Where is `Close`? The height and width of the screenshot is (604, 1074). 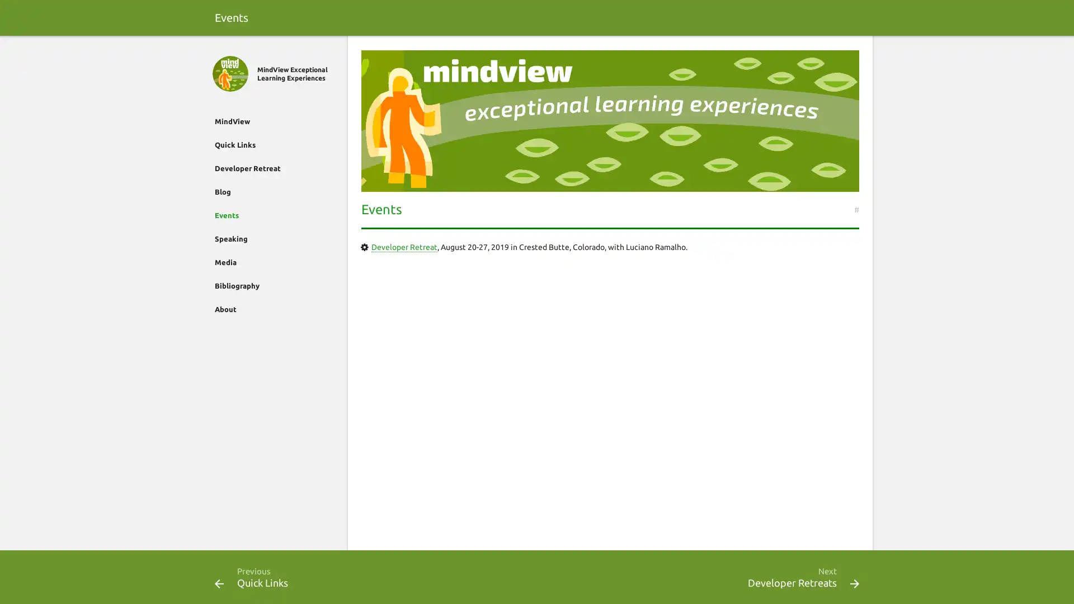 Close is located at coordinates (219, 49).